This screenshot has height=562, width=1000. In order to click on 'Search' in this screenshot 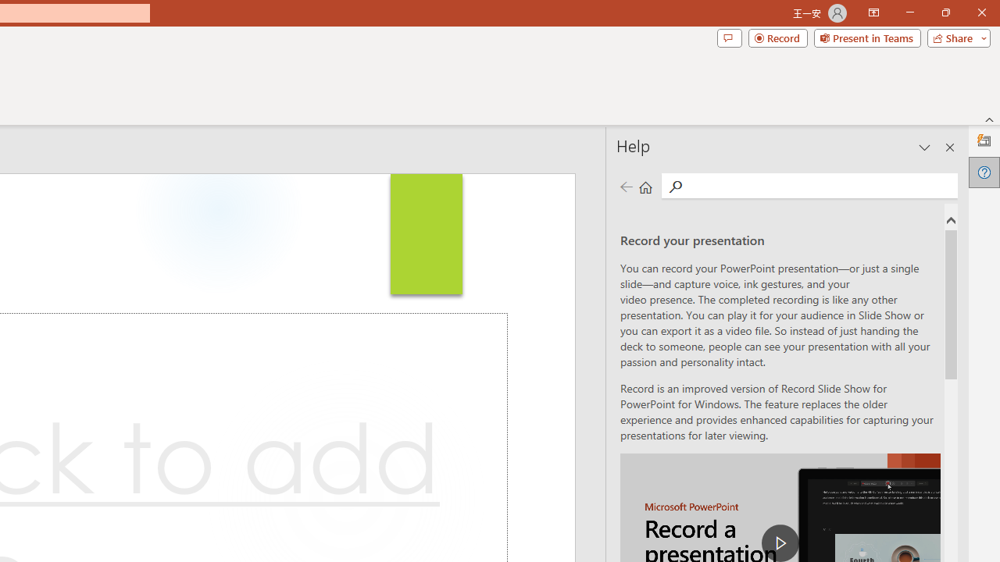, I will do `click(820, 184)`.